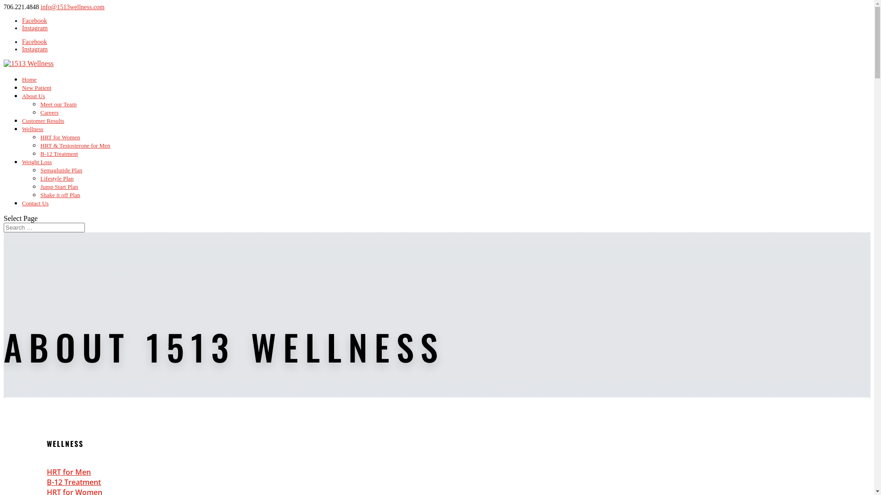  What do you see at coordinates (35, 49) in the screenshot?
I see `'Instagram'` at bounding box center [35, 49].